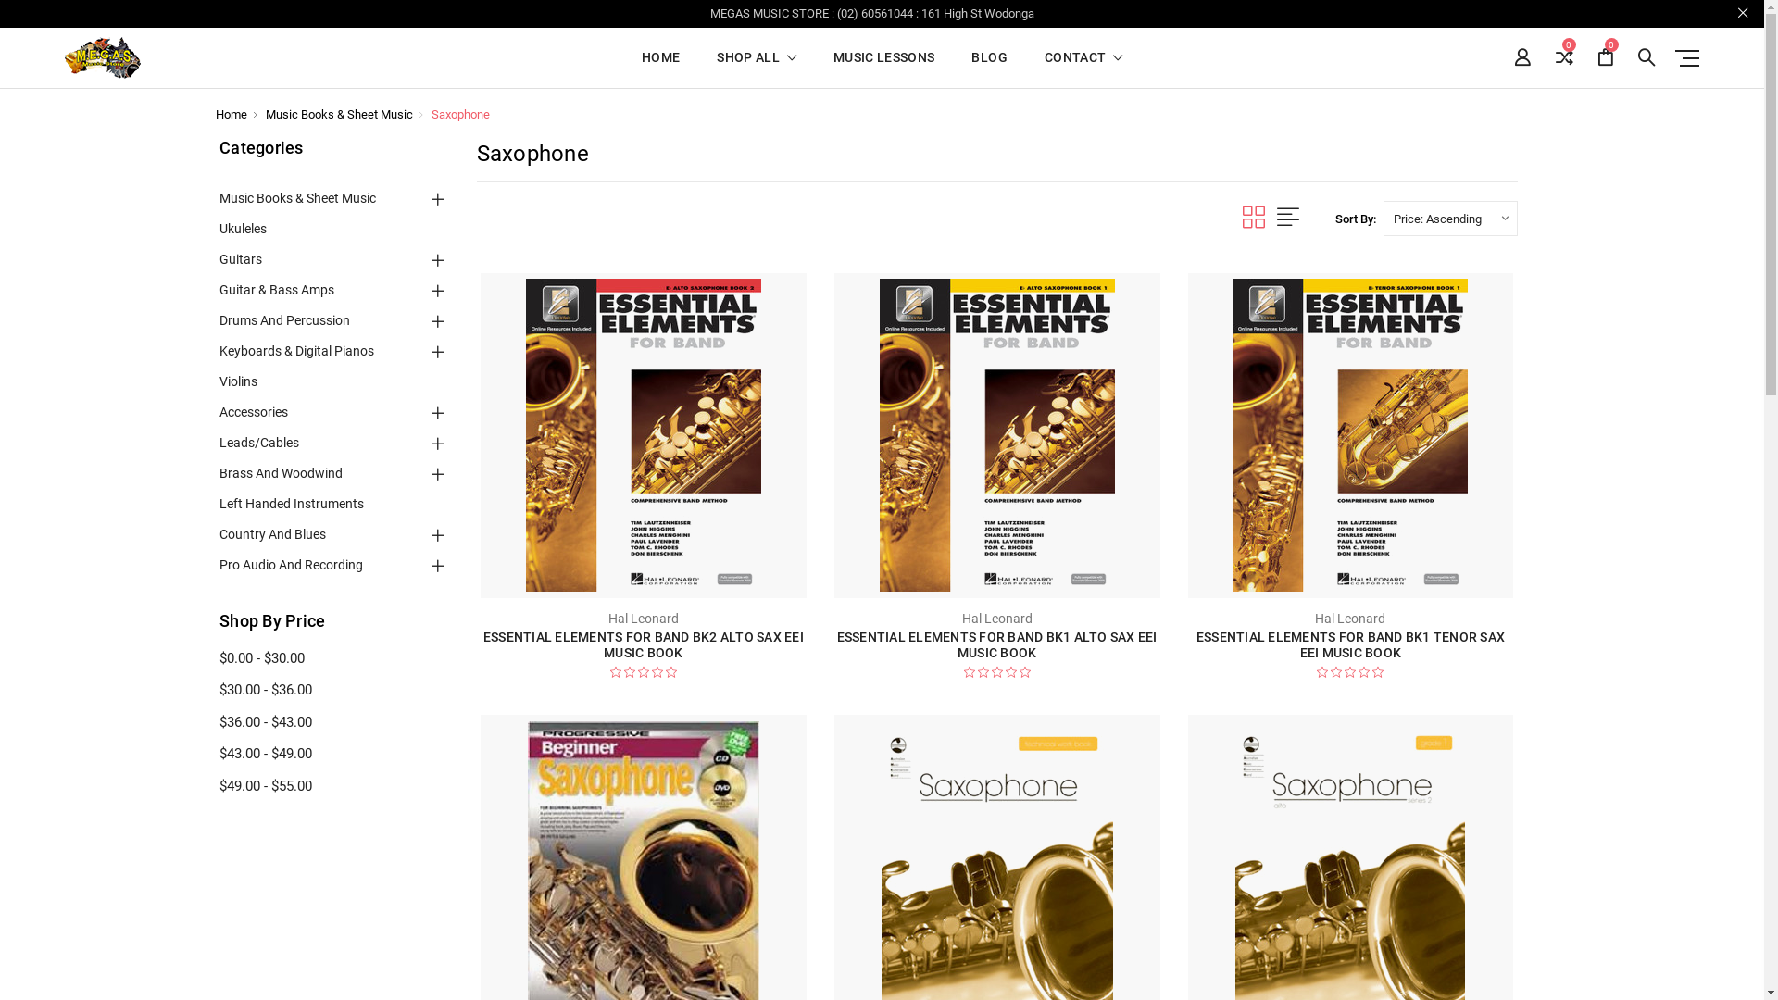 The image size is (1778, 1000). Describe the element at coordinates (219, 319) in the screenshot. I see `'Drums And Percussion'` at that location.